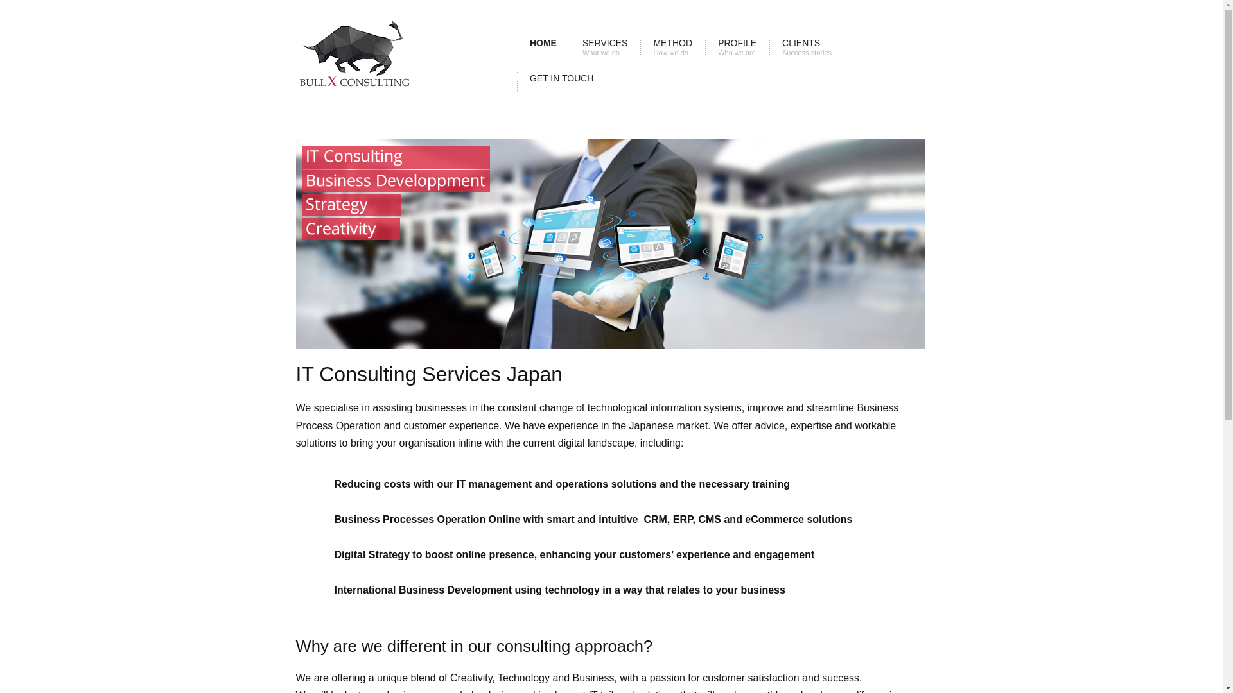 This screenshot has width=1233, height=693. I want to click on 'HOME', so click(517, 46).